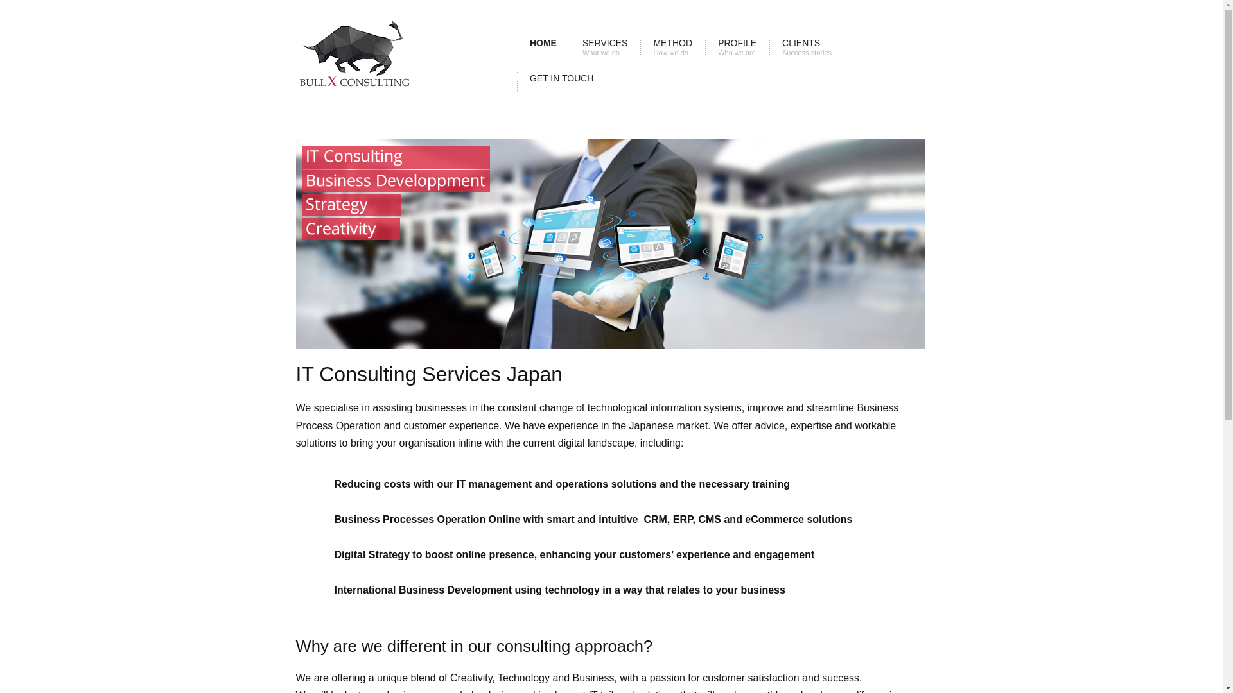 This screenshot has width=1233, height=693. I want to click on 'HOME', so click(517, 46).